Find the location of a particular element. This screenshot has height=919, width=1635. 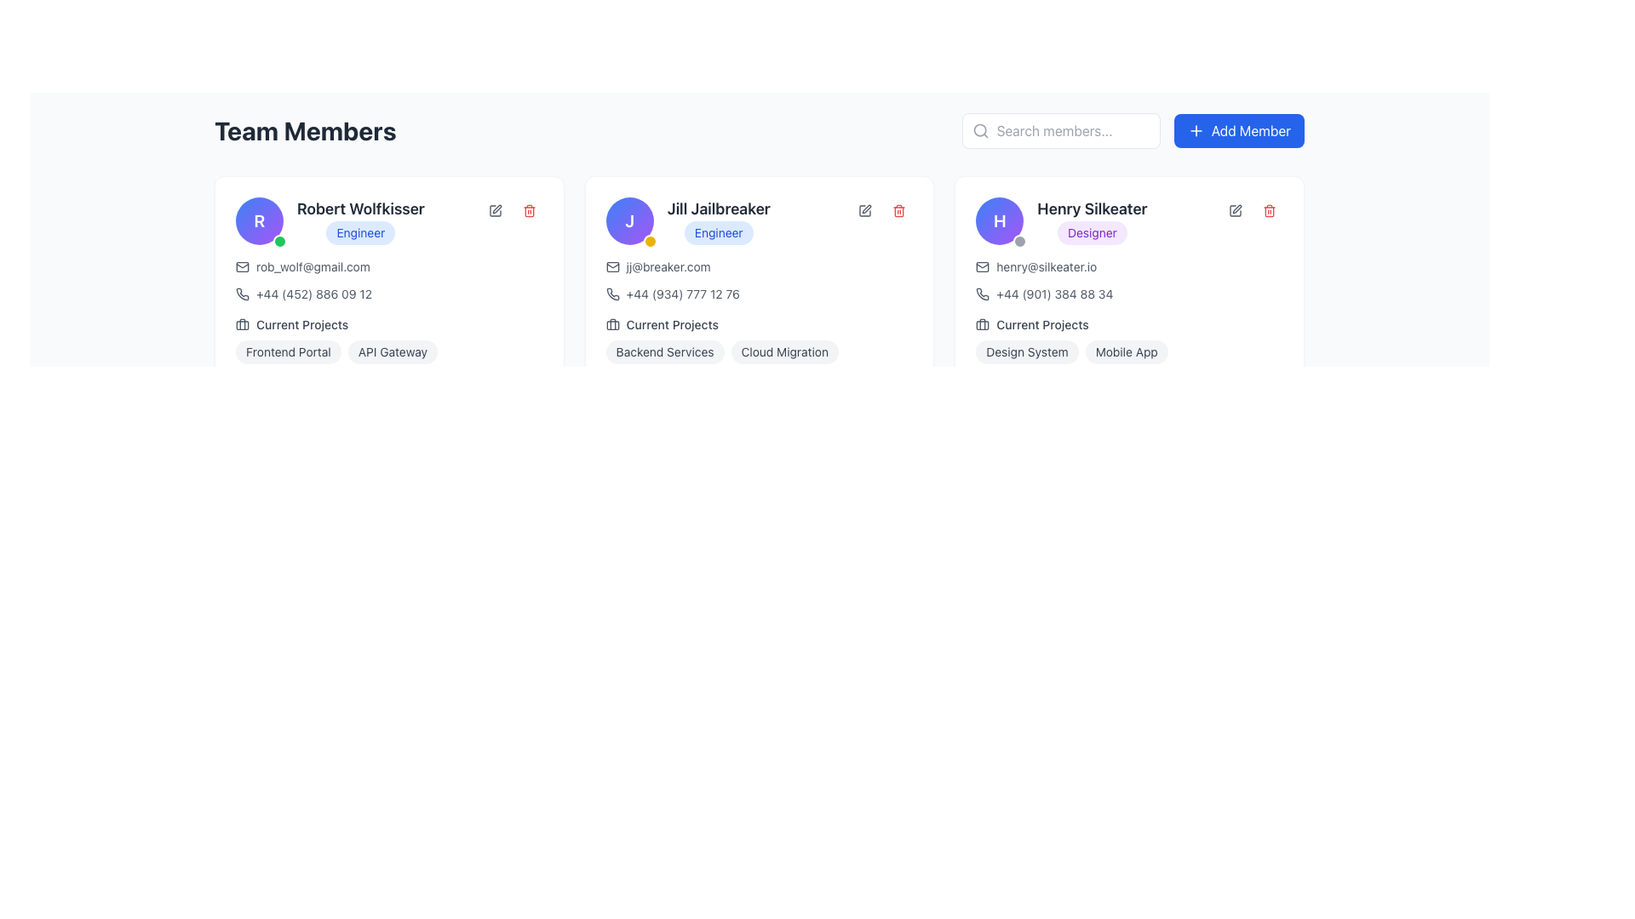

the circular magnifying glass icon located within the search input box, positioned to the left of the blue 'Add Member' button is located at coordinates (979, 129).